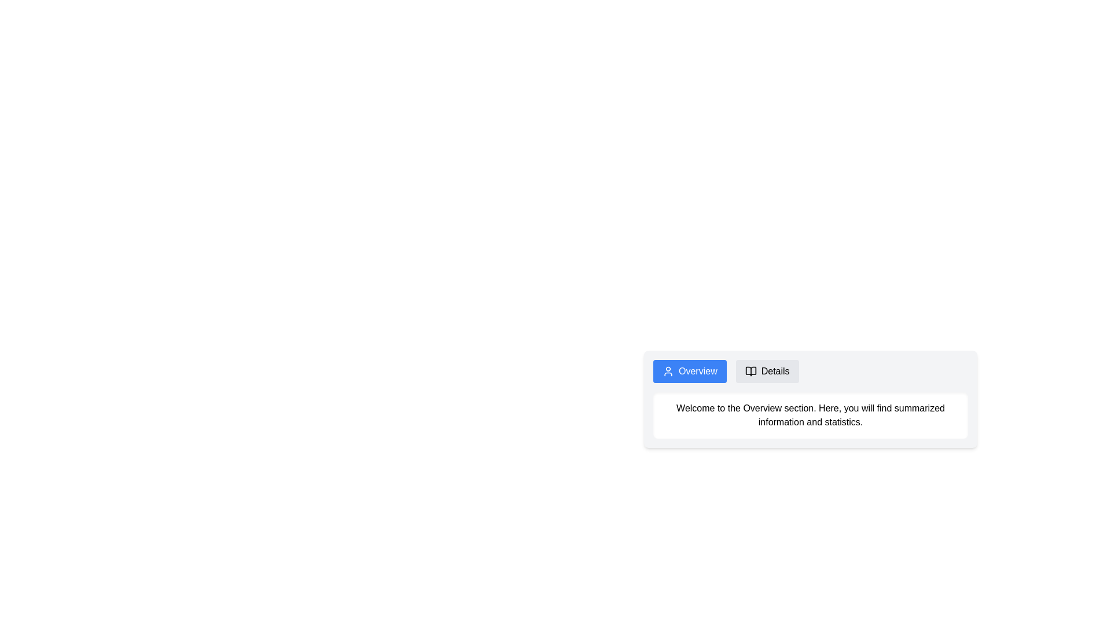  What do you see at coordinates (767, 371) in the screenshot?
I see `the second button in the horizontal button group located to the right of the 'Overview' button with a blue background` at bounding box center [767, 371].